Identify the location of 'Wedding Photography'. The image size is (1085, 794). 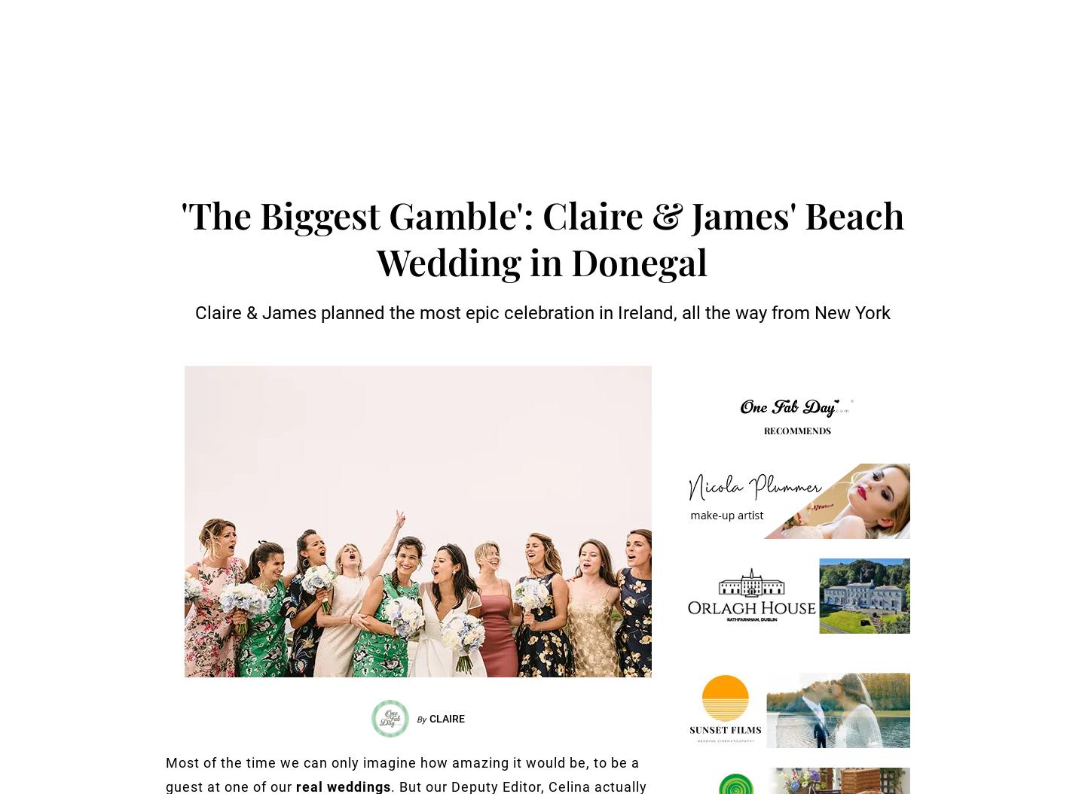
(437, 107).